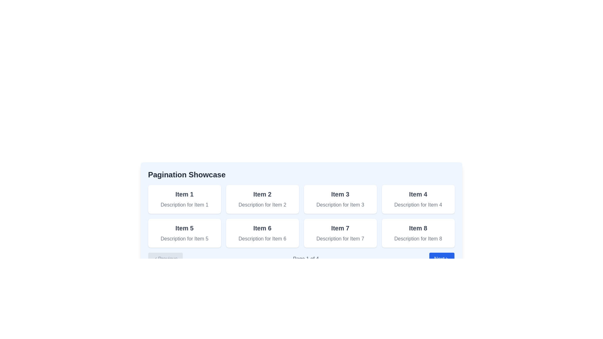 The image size is (603, 339). What do you see at coordinates (340, 205) in the screenshot?
I see `the Text label providing additional descriptive information related to 'Item 3', located immediately below the title 'Item 3'` at bounding box center [340, 205].